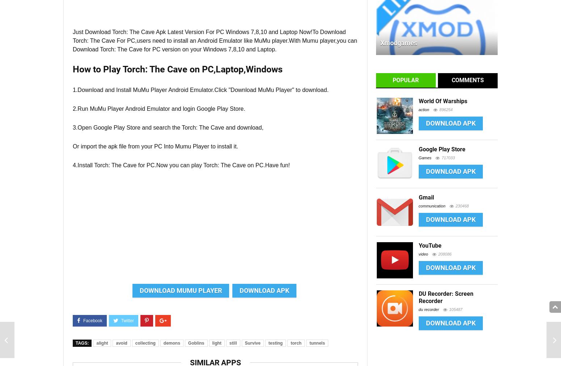 This screenshot has height=366, width=561. What do you see at coordinates (82, 343) in the screenshot?
I see `'Tags:'` at bounding box center [82, 343].